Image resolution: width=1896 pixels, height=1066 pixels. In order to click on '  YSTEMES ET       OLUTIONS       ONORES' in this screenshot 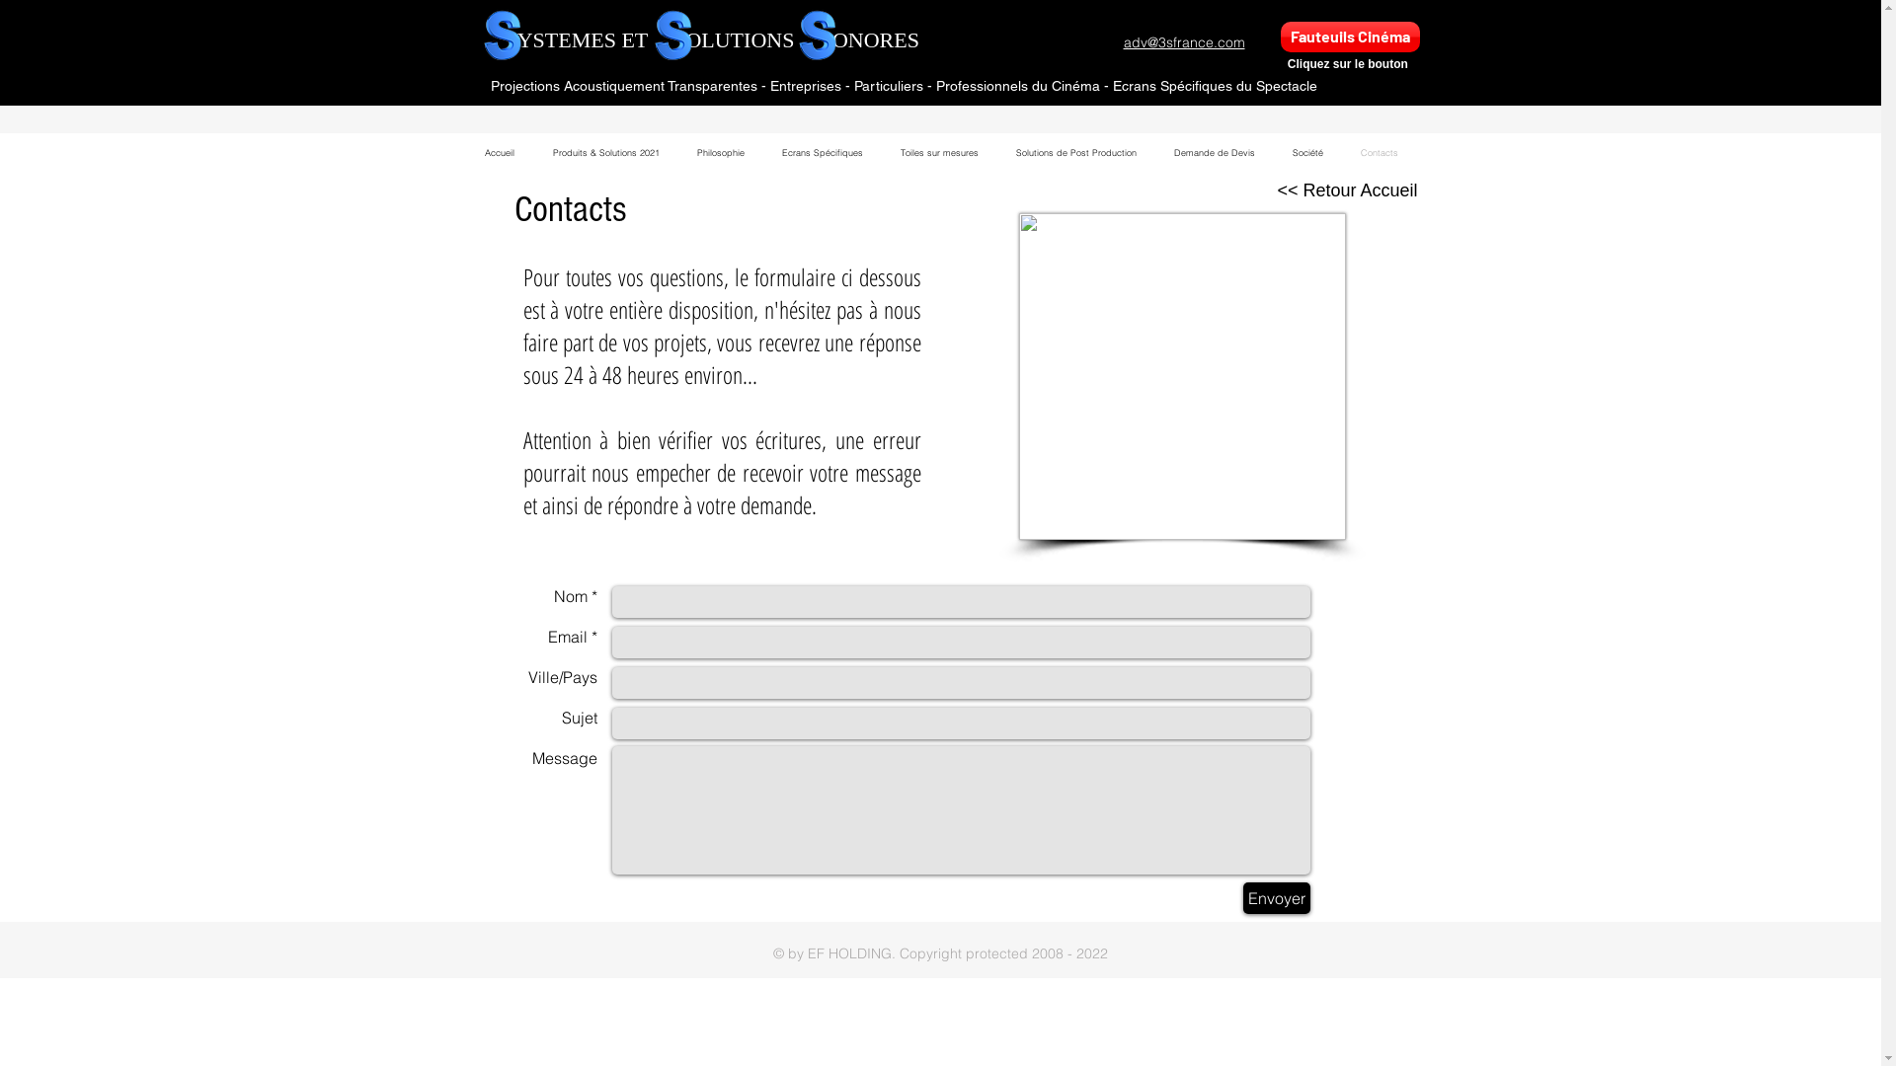, I will do `click(712, 39)`.